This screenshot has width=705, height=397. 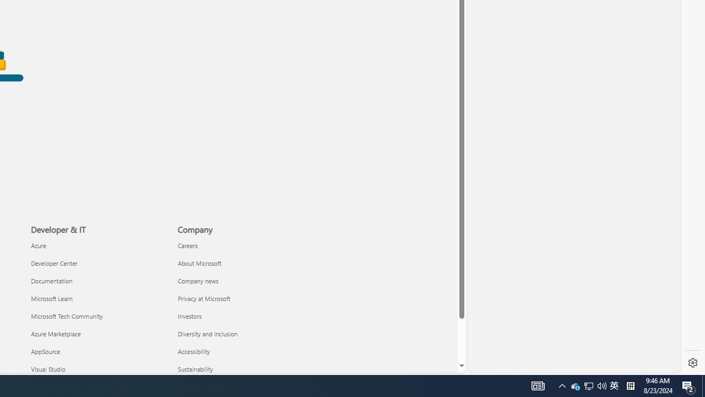 I want to click on 'About Microsoft Company', so click(x=199, y=263).